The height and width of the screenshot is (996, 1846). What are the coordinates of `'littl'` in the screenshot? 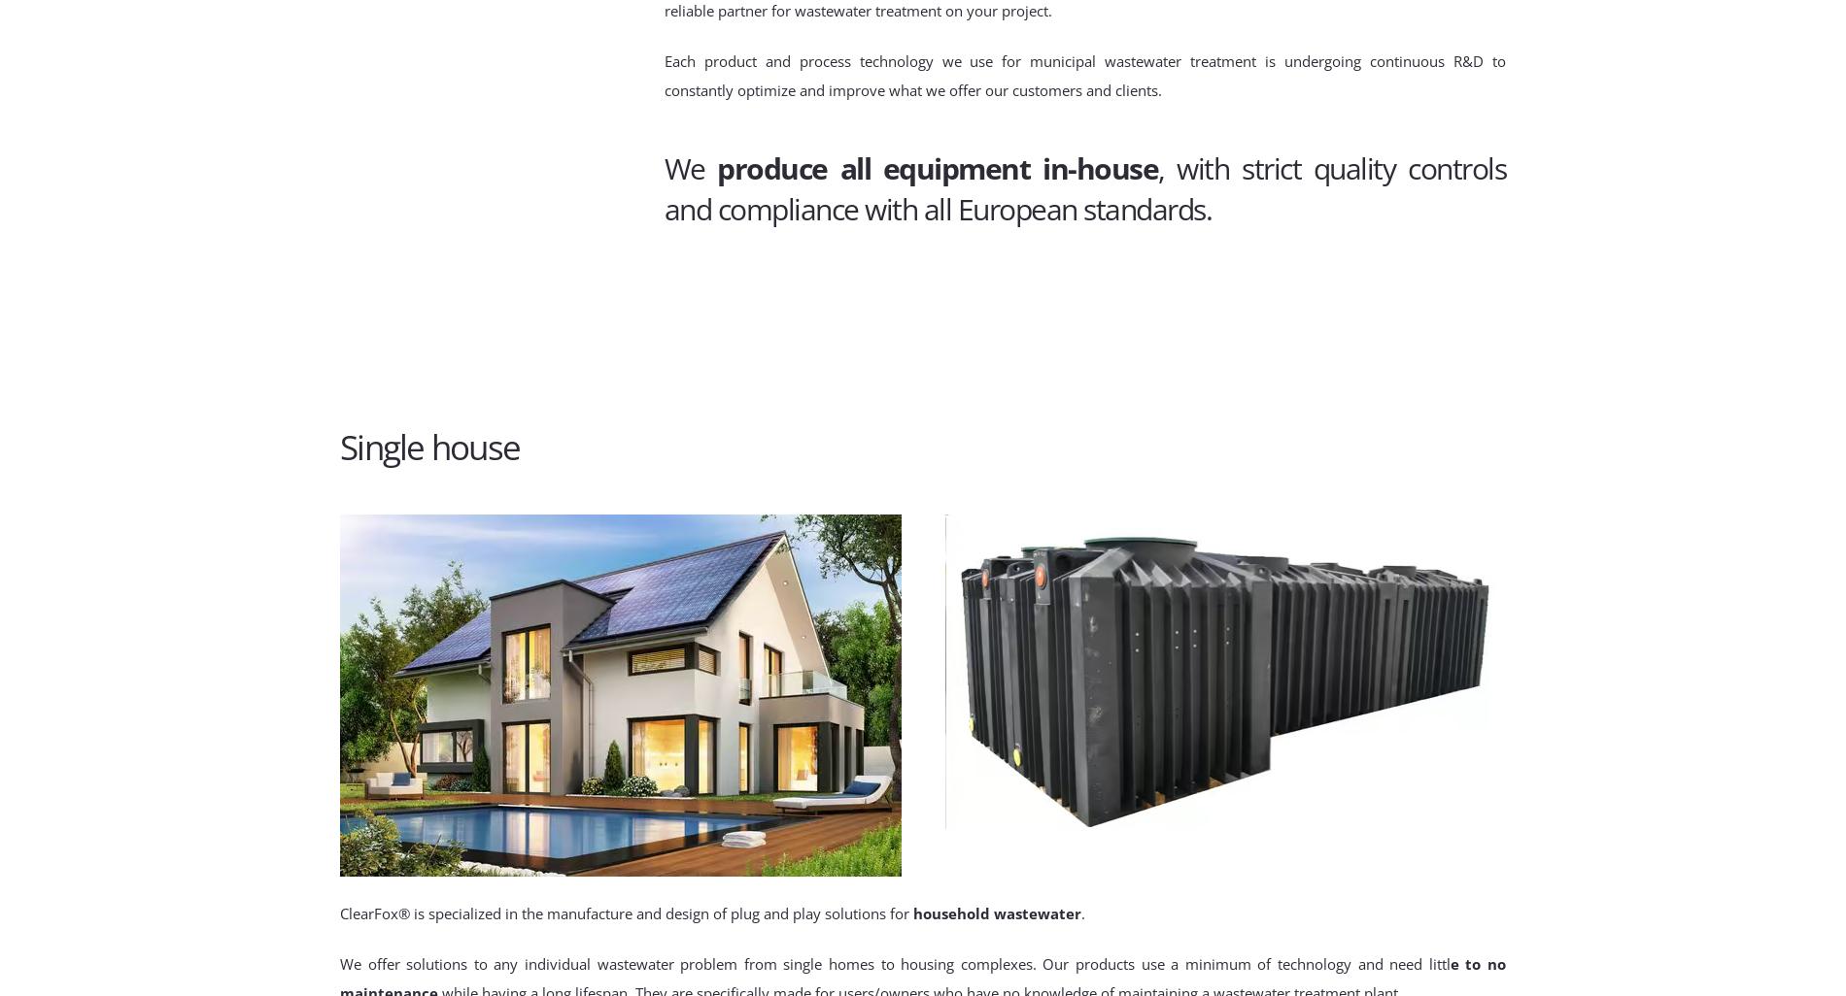 It's located at (1439, 962).